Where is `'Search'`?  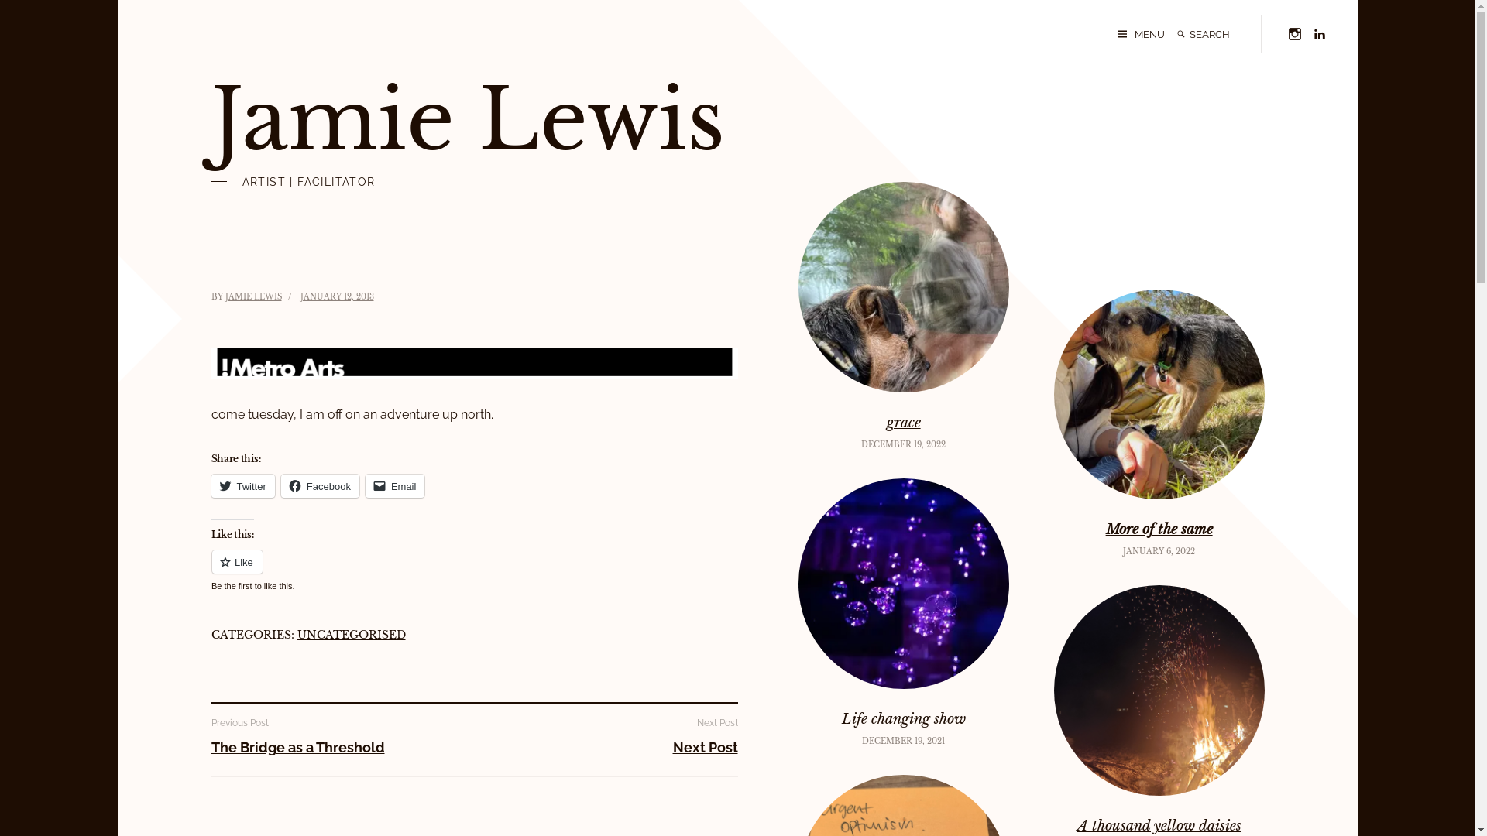 'Search' is located at coordinates (1179, 34).